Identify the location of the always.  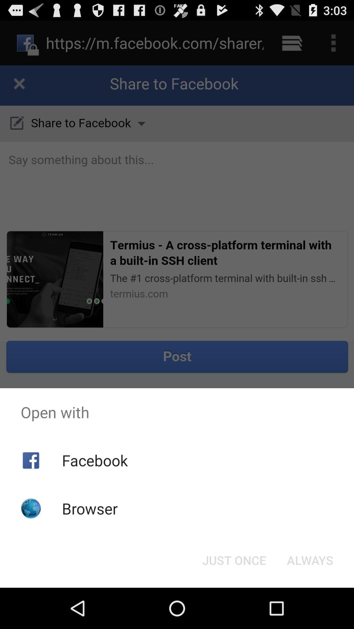
(310, 560).